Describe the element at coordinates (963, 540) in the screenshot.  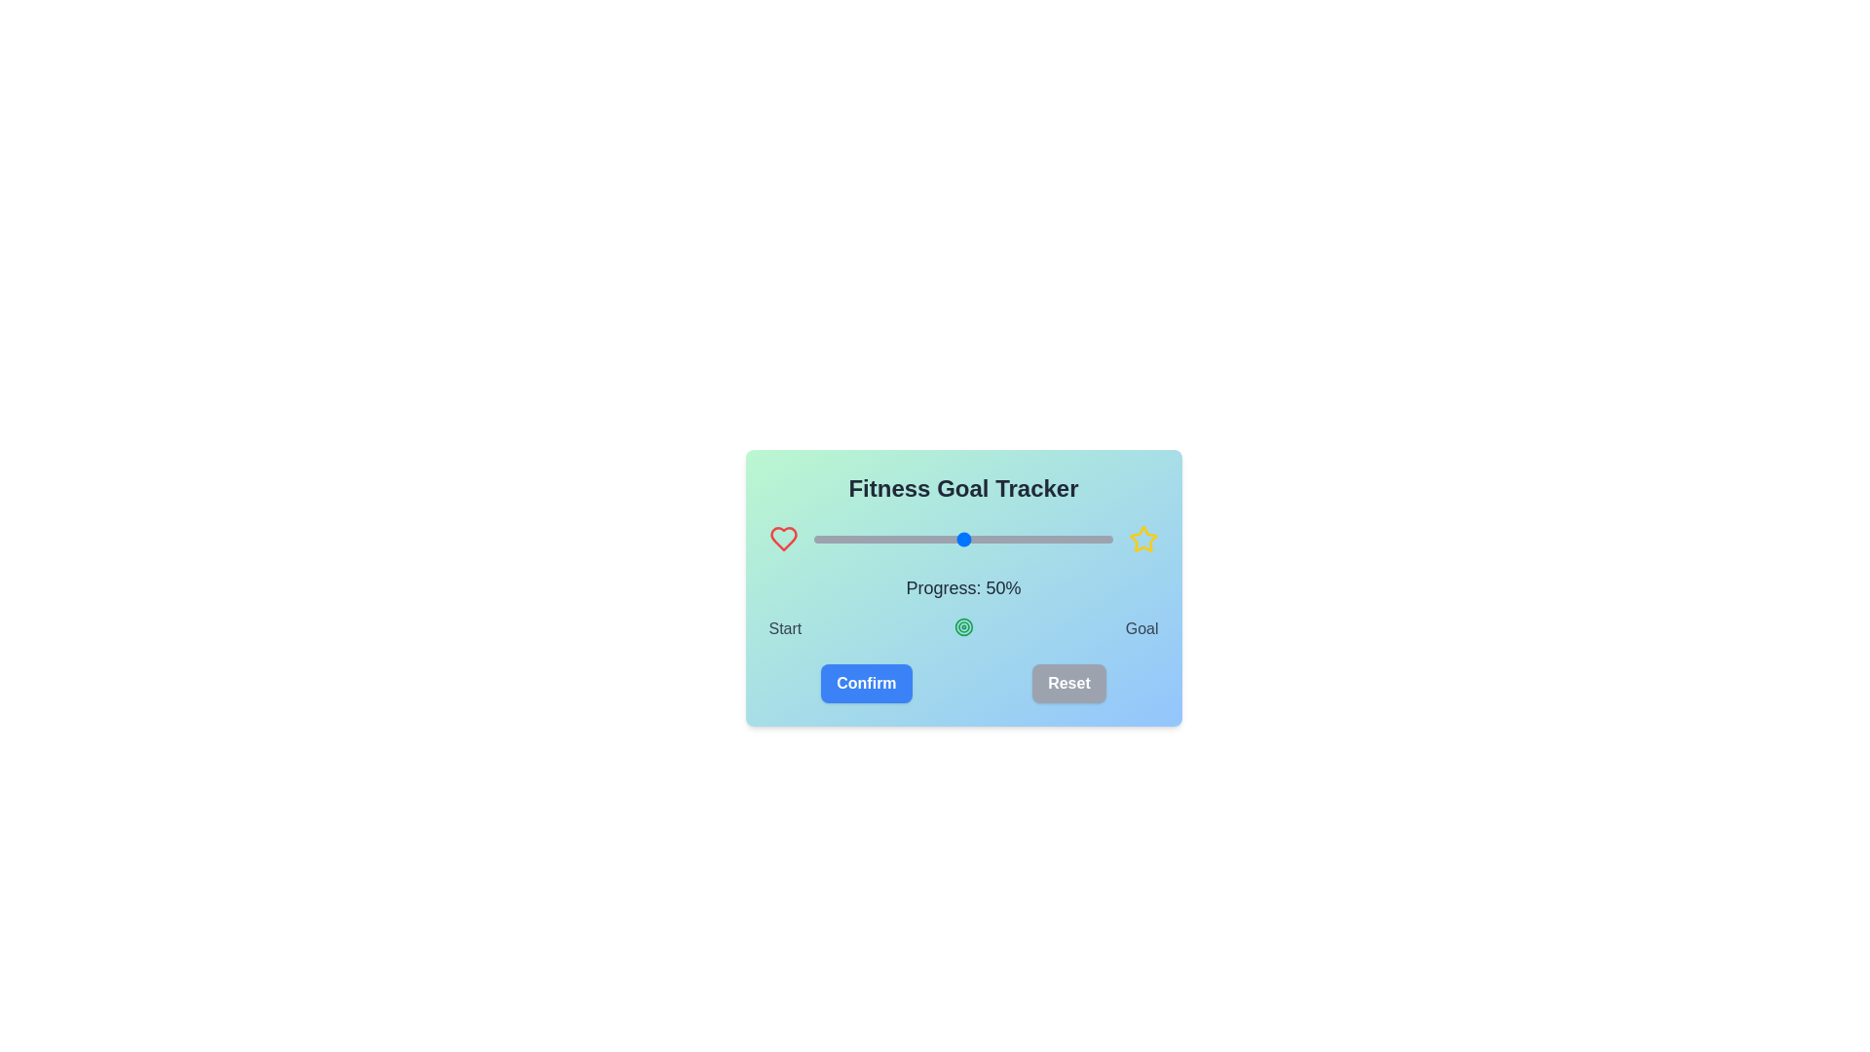
I see `the slider to set progress to 50%` at that location.